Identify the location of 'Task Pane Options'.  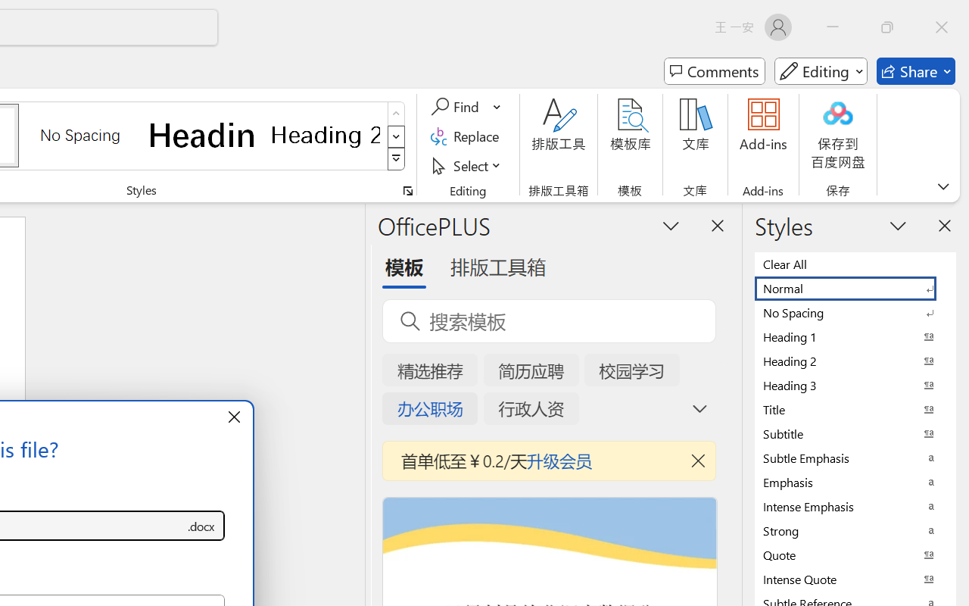
(671, 225).